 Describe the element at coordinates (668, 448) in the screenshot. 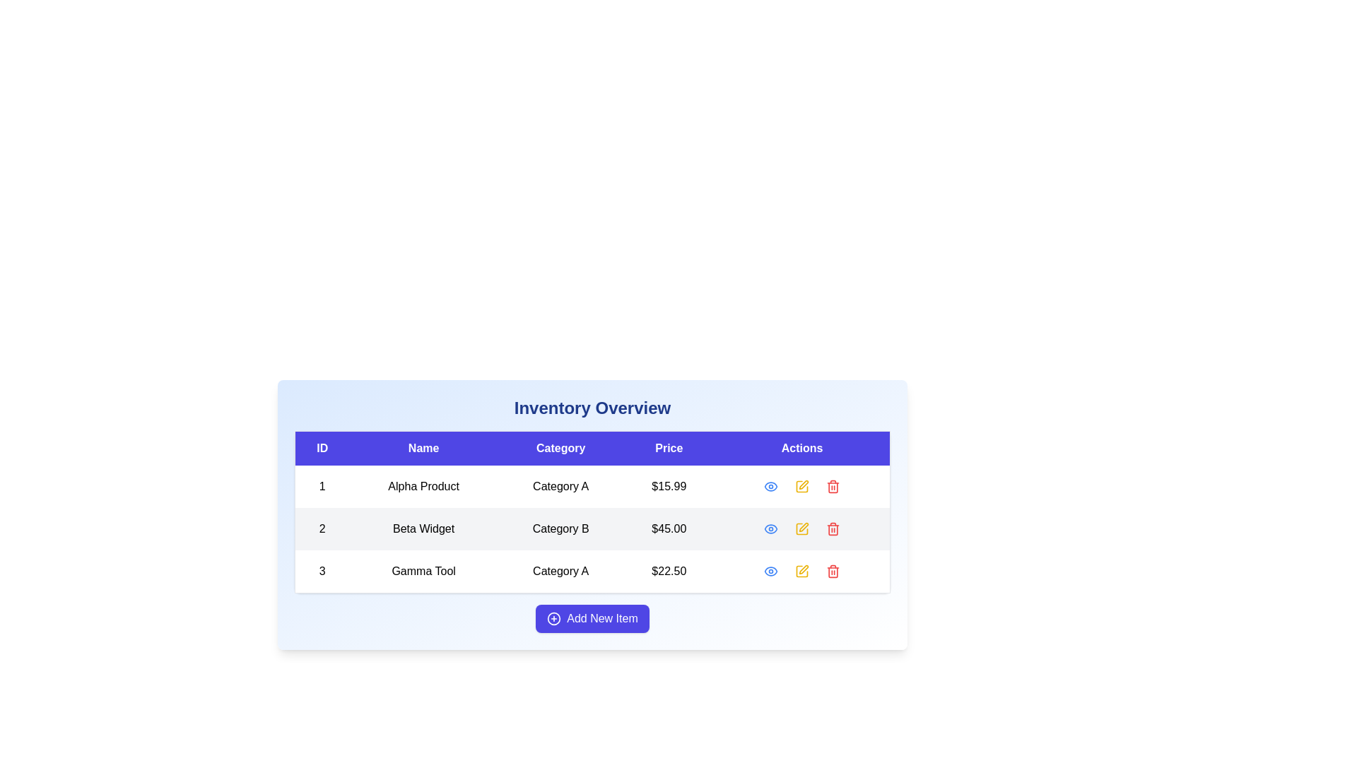

I see `the 'Price' text label, which is a static header in the table aligned with other headers such as 'ID', 'Name', 'Category', and 'Actions'` at that location.